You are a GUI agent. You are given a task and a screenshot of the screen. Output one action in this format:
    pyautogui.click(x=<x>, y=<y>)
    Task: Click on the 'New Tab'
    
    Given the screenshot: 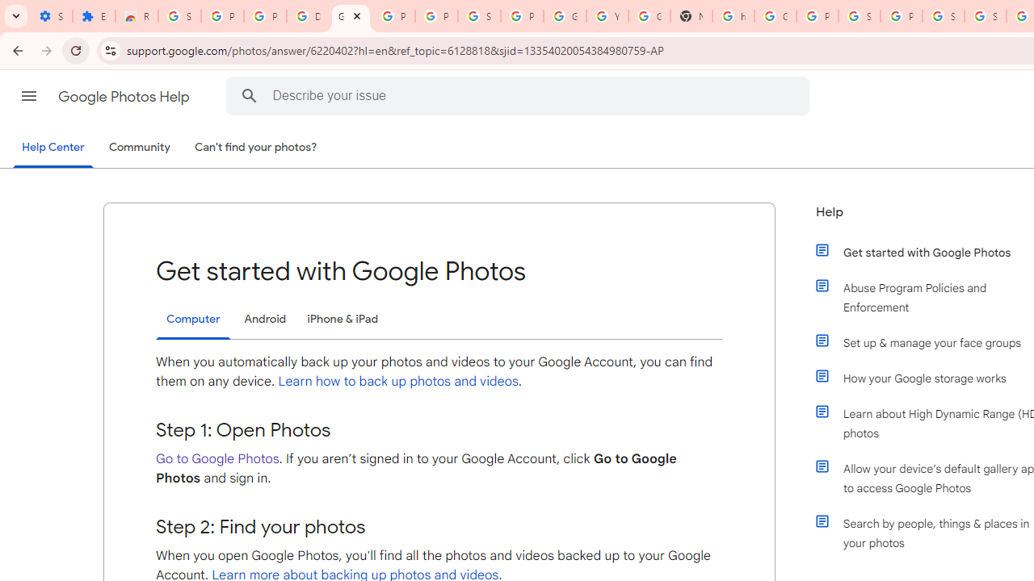 What is the action you would take?
    pyautogui.click(x=691, y=16)
    